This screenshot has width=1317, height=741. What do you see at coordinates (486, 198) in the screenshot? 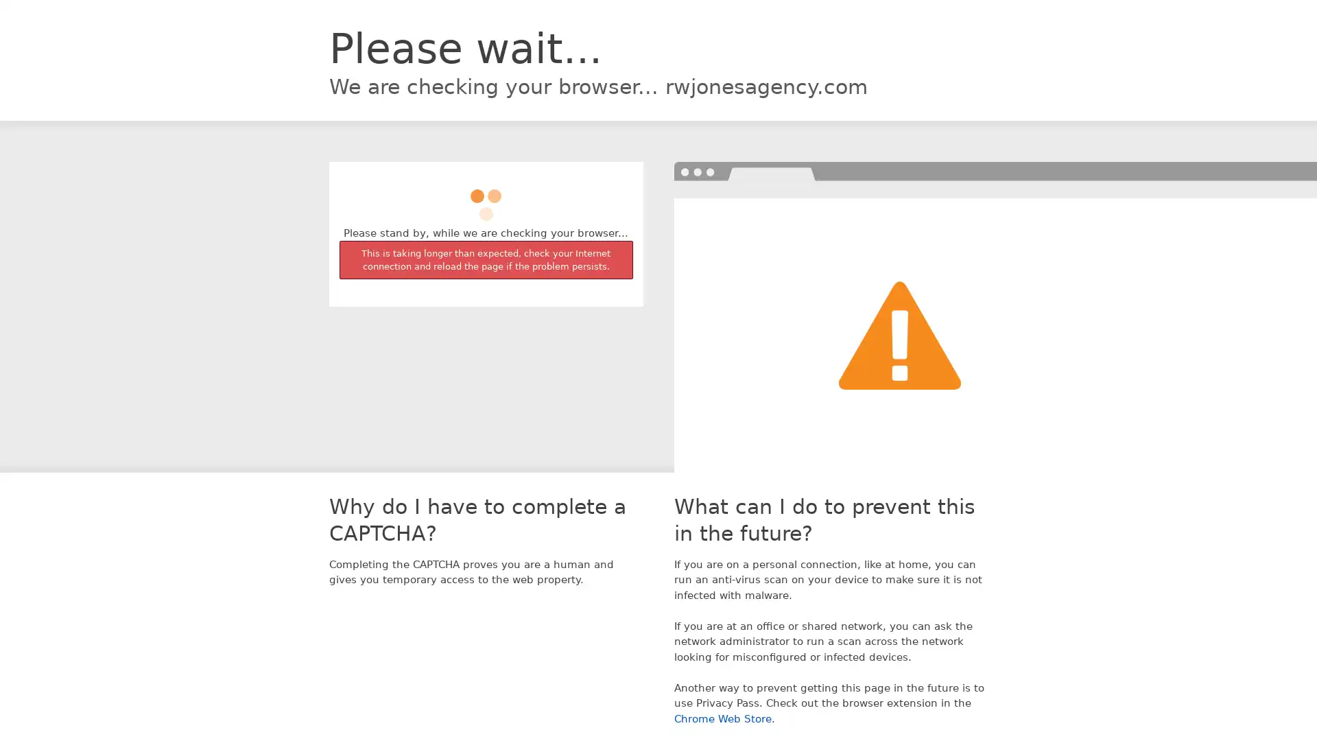
I see `Verify I am not a bot` at bounding box center [486, 198].